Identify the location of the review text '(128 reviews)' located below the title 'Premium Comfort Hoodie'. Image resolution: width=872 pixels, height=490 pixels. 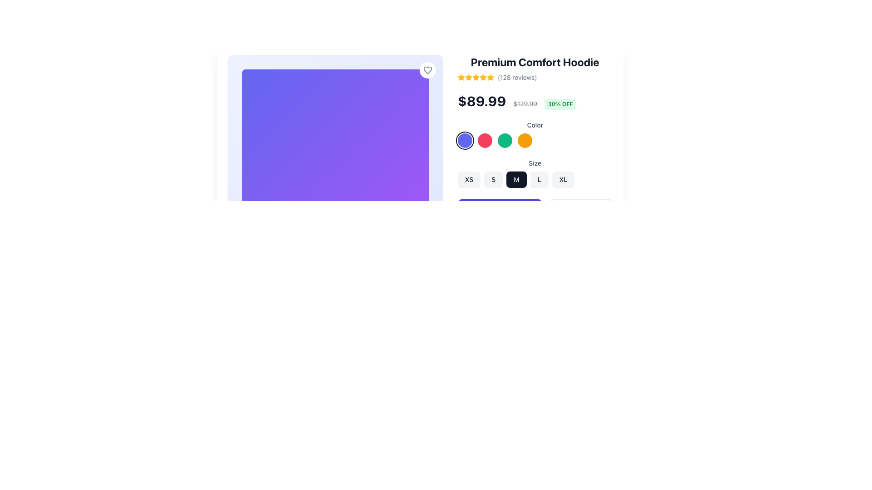
(535, 77).